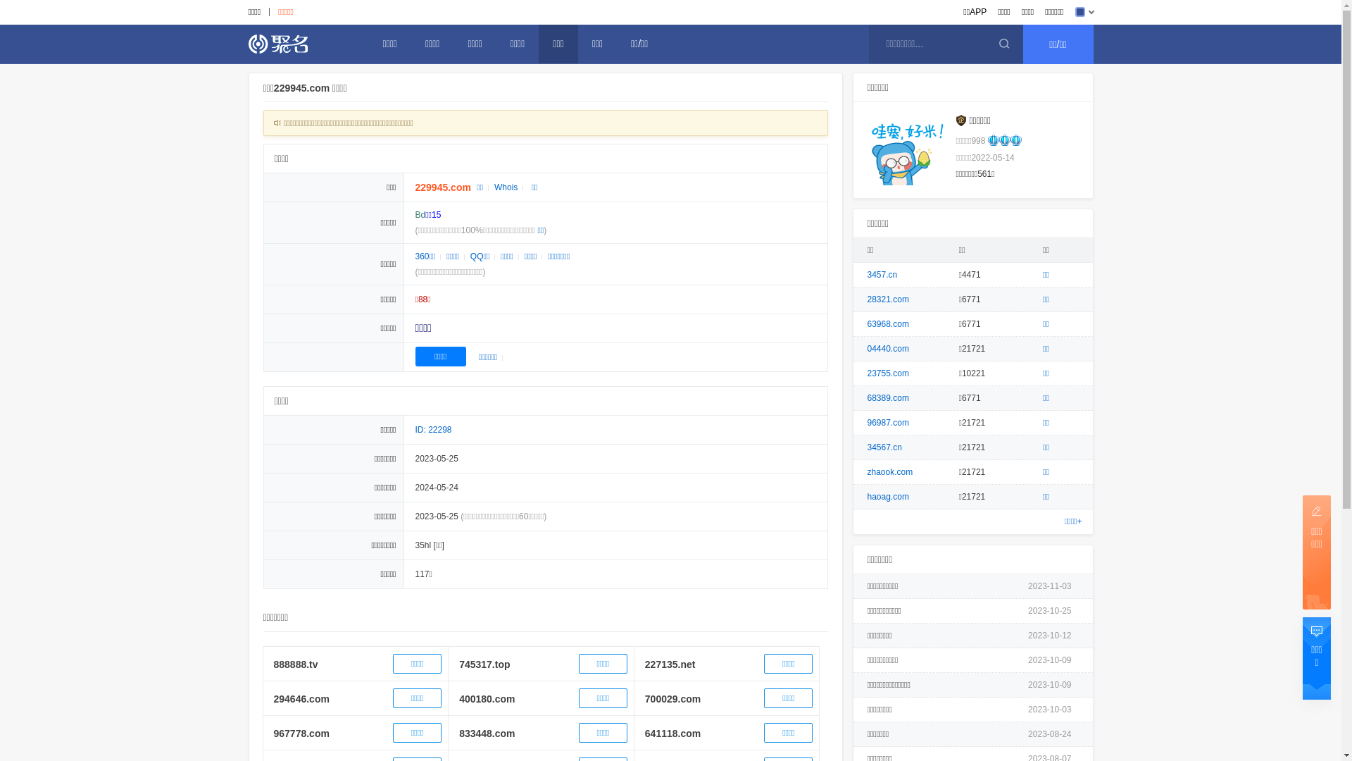 The image size is (1352, 761). What do you see at coordinates (432, 428) in the screenshot?
I see `'ID: 22298'` at bounding box center [432, 428].